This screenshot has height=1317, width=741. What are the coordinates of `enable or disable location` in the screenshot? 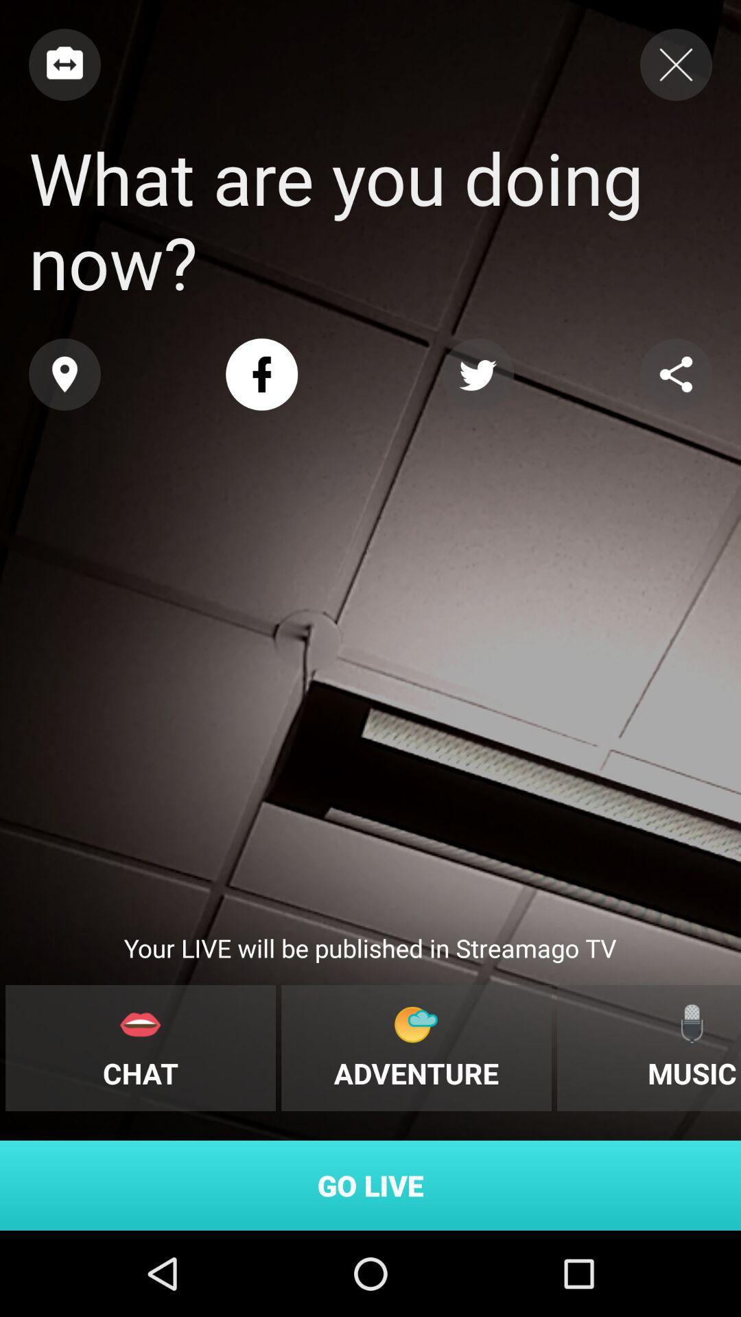 It's located at (64, 375).